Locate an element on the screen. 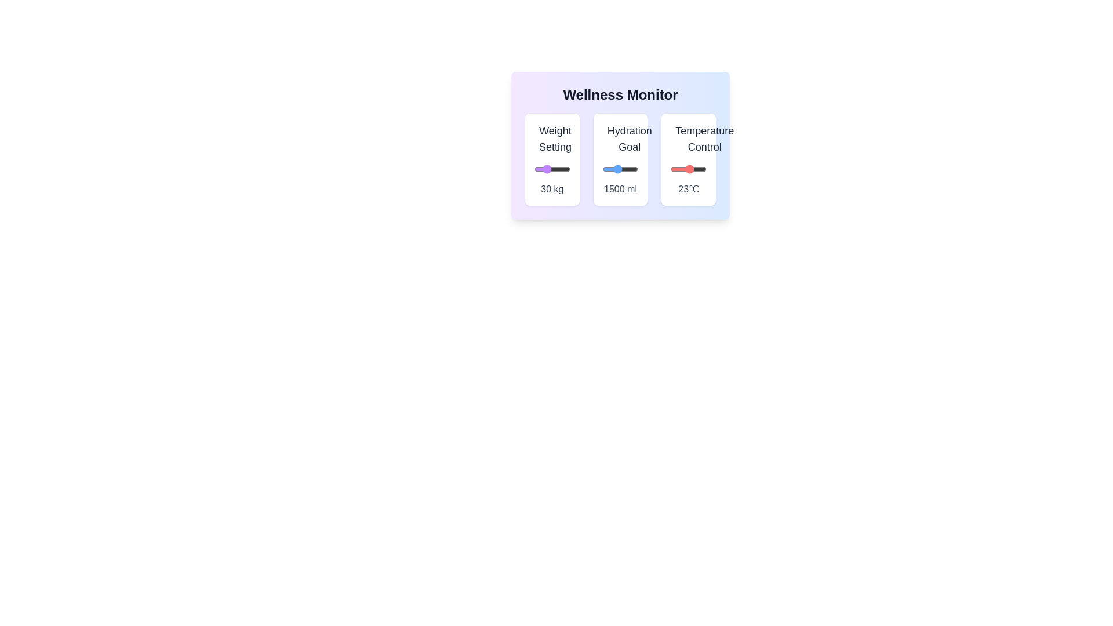 The width and height of the screenshot is (1113, 626). the temperature display label located at the bottom of the 'Temperature Control' card, beneath the red slider control is located at coordinates (689, 189).